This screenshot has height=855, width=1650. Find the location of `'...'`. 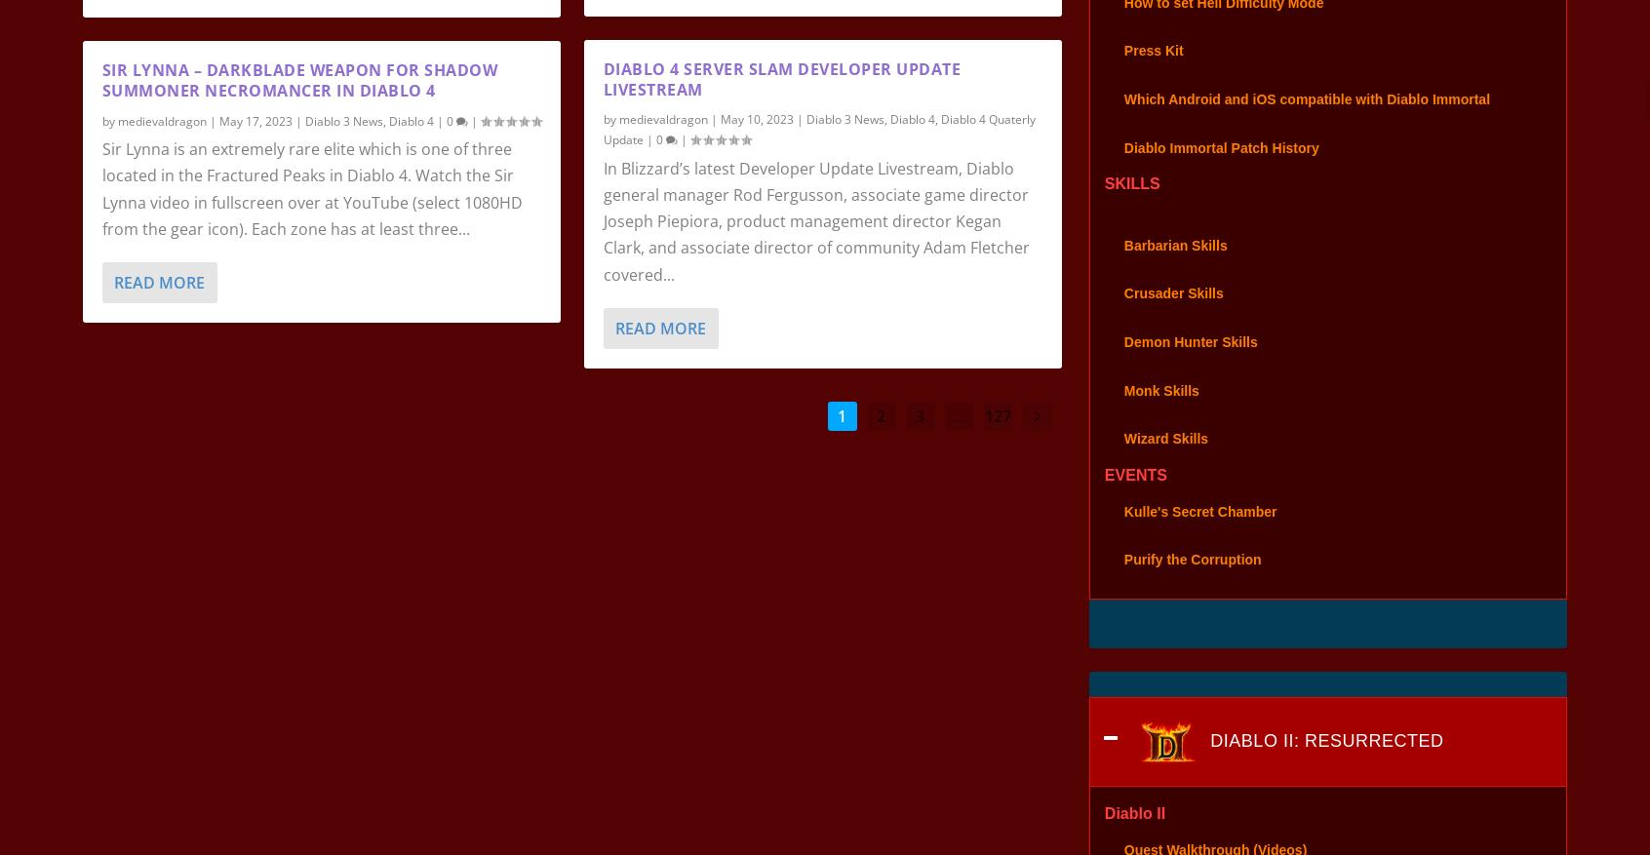

'...' is located at coordinates (959, 441).